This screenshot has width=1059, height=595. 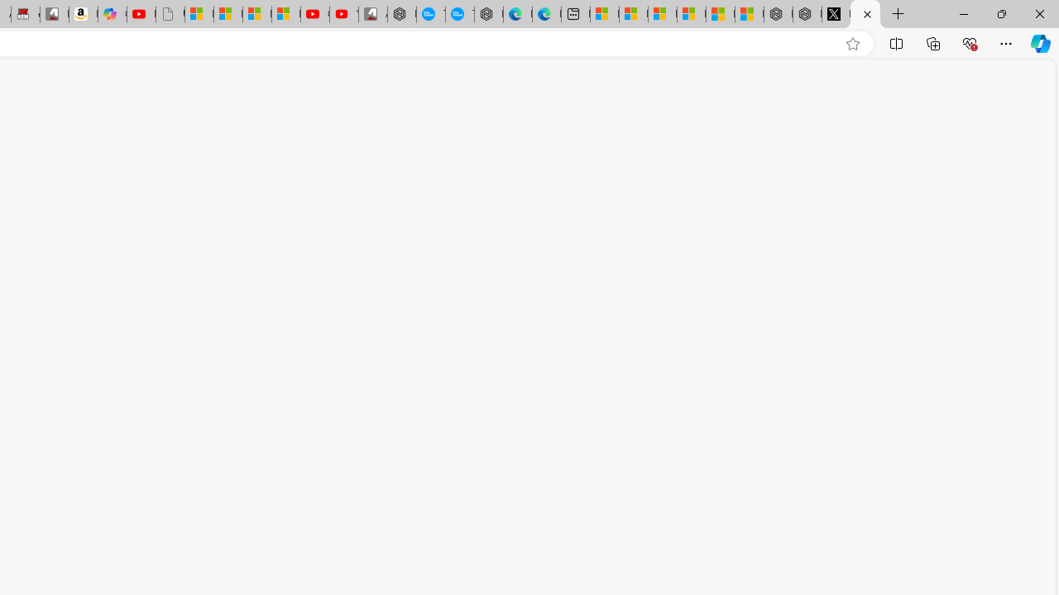 I want to click on 'Nordace (@NordaceOfficial) / X', so click(x=836, y=14).